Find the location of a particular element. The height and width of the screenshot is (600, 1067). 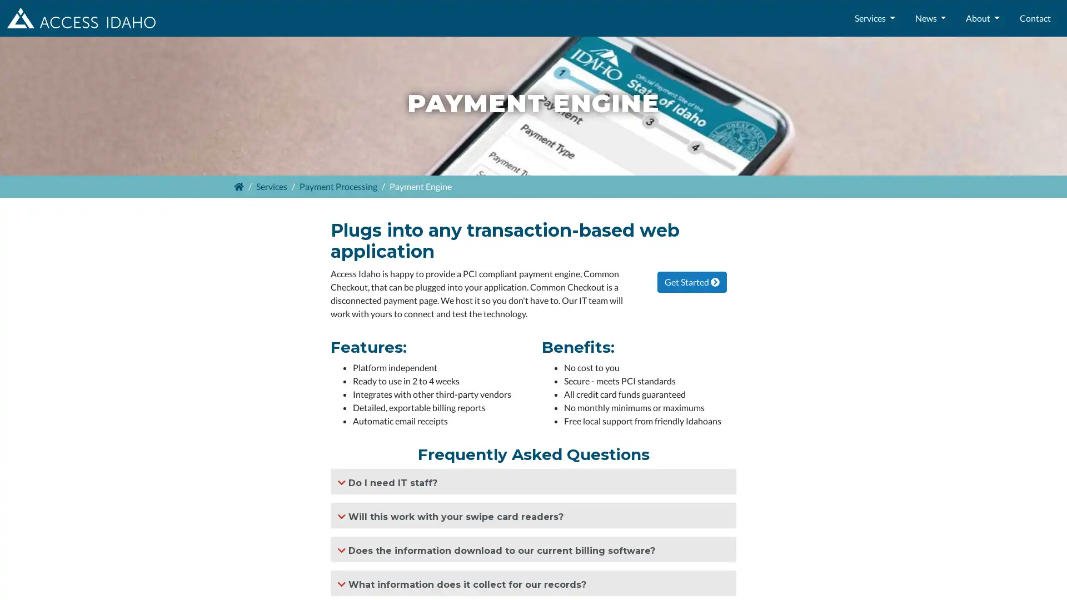

Do I need IT staff? is located at coordinates (533, 481).